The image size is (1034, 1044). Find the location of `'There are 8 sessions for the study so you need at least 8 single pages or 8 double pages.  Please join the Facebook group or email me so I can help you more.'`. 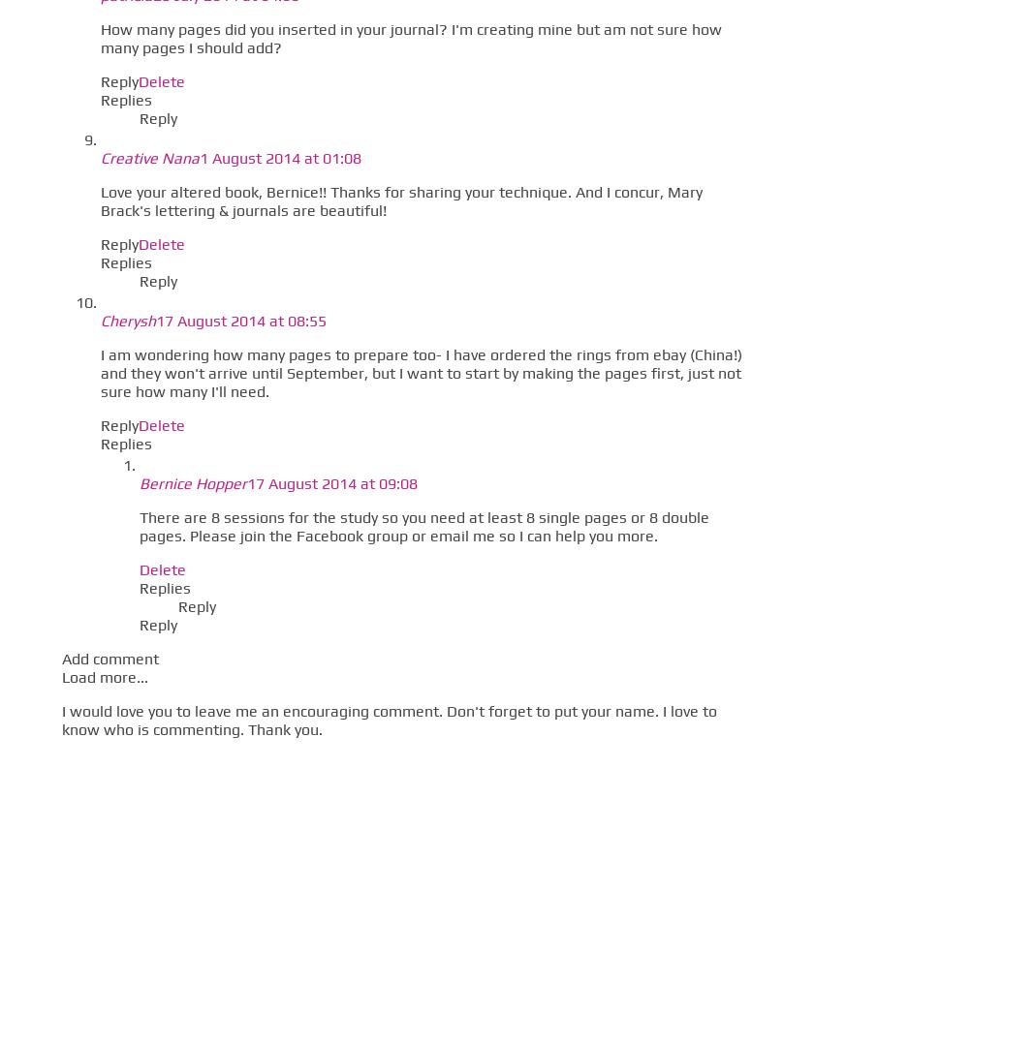

'There are 8 sessions for the study so you need at least 8 single pages or 8 double pages.  Please join the Facebook group or email me so I can help you more.' is located at coordinates (139, 525).